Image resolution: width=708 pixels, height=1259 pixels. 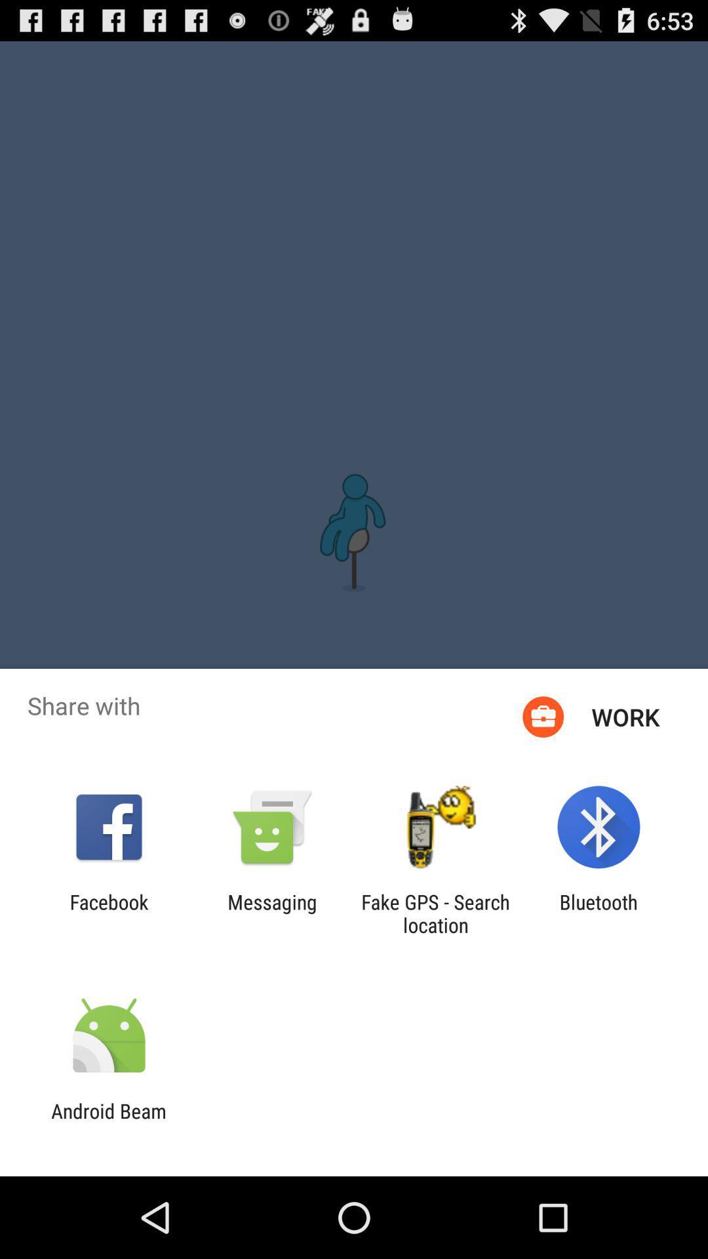 What do you see at coordinates (435, 913) in the screenshot?
I see `the fake gps search app` at bounding box center [435, 913].